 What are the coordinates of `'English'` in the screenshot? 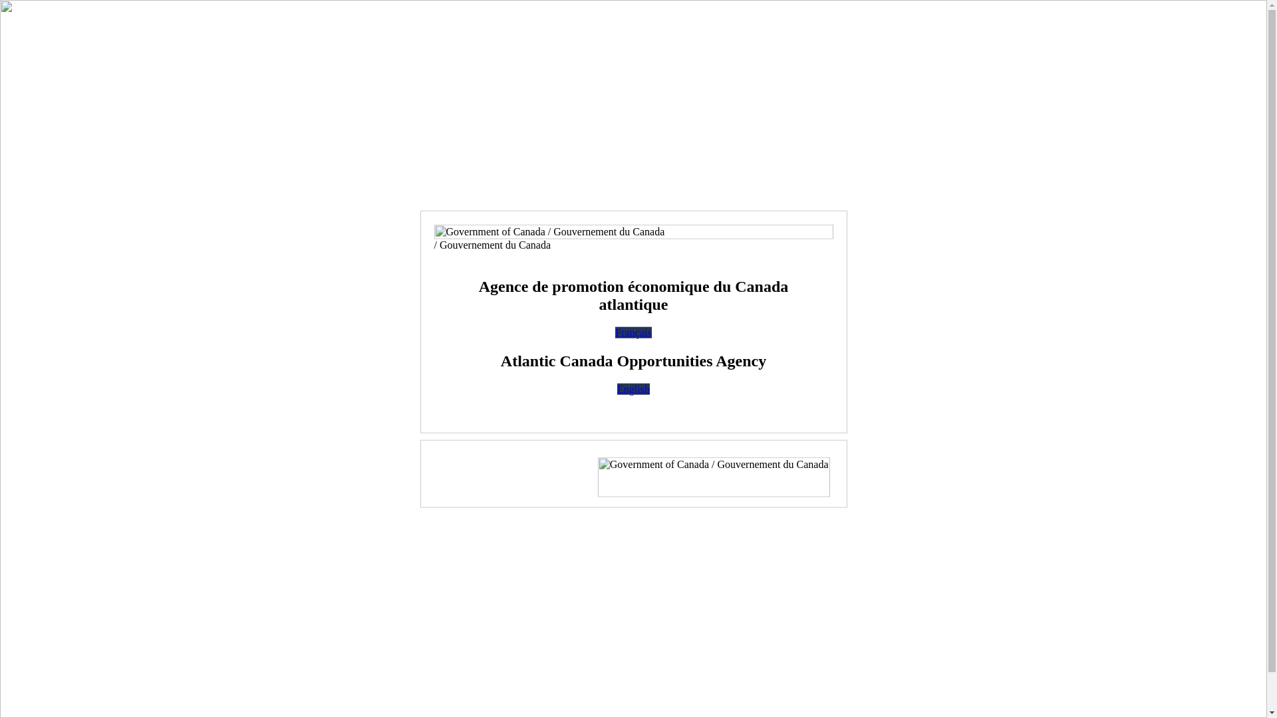 It's located at (616, 388).